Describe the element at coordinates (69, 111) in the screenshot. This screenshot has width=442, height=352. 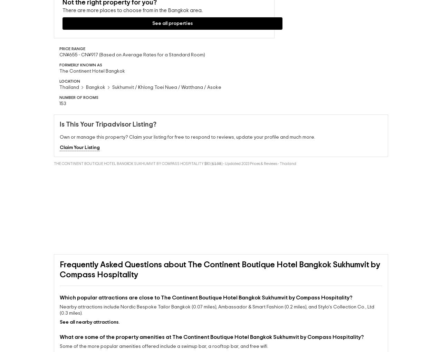
I see `'Thailand'` at that location.